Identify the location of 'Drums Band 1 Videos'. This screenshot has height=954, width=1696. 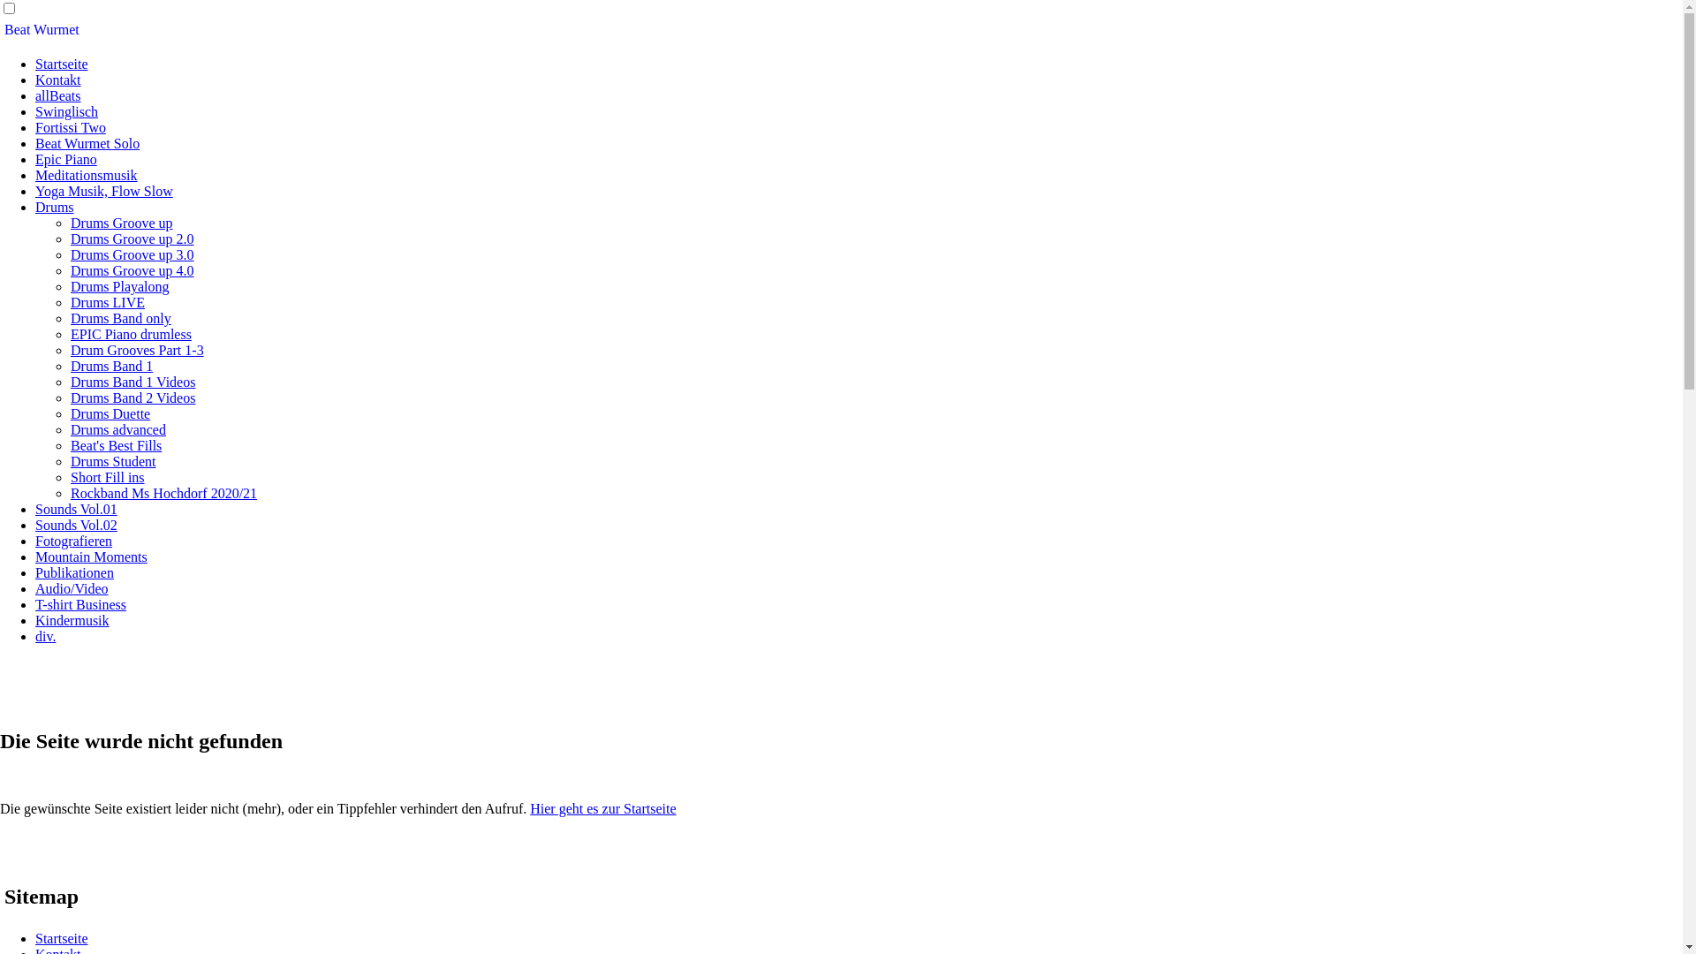
(132, 381).